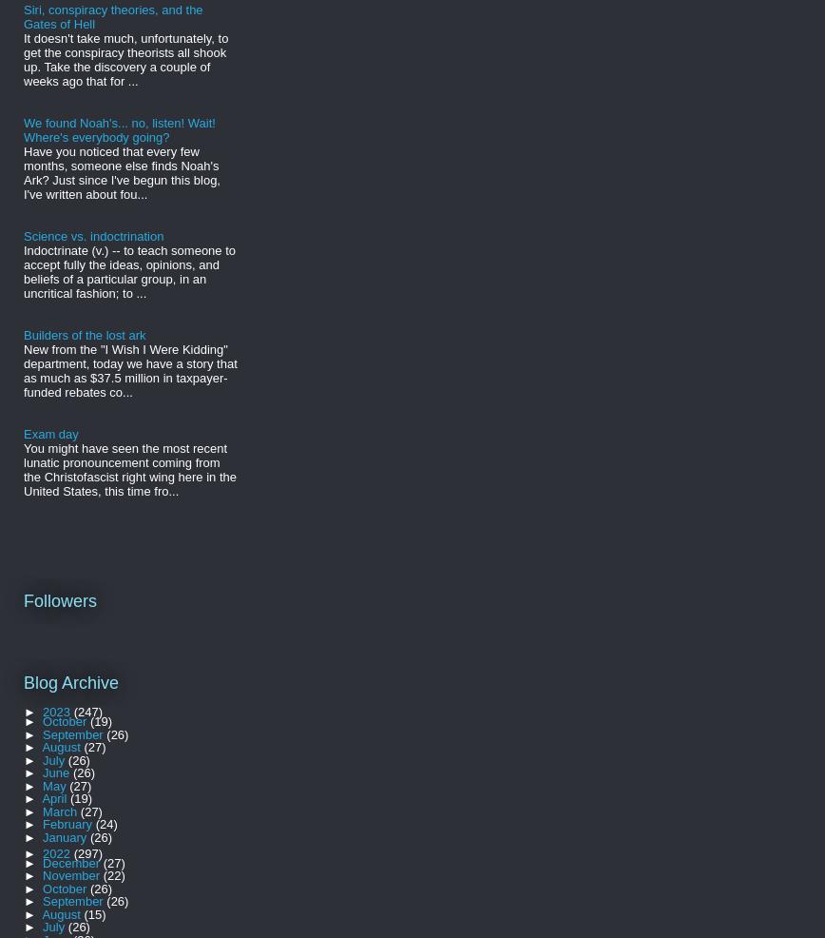 This screenshot has width=825, height=938. Describe the element at coordinates (129, 270) in the screenshot. I see `'Indoctrinate  (v.) -- to teach someone to accept fully the ideas, opinions, and beliefs of a particular group, in an uncritical fashion; to ...'` at that location.